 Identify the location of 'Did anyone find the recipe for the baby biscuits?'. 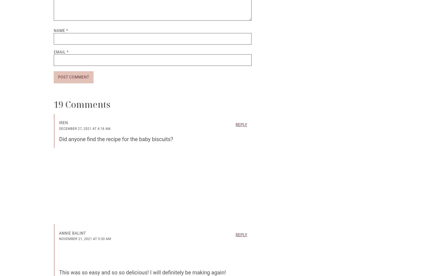
(59, 139).